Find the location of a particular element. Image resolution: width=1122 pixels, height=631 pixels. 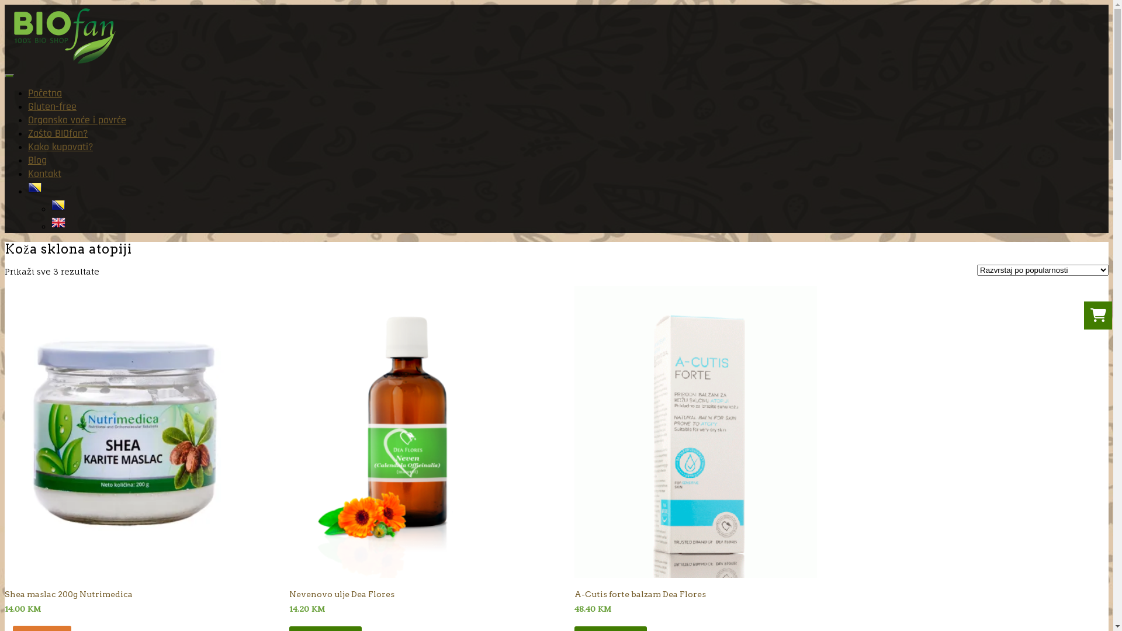

'Bosnian' is located at coordinates (58, 208).